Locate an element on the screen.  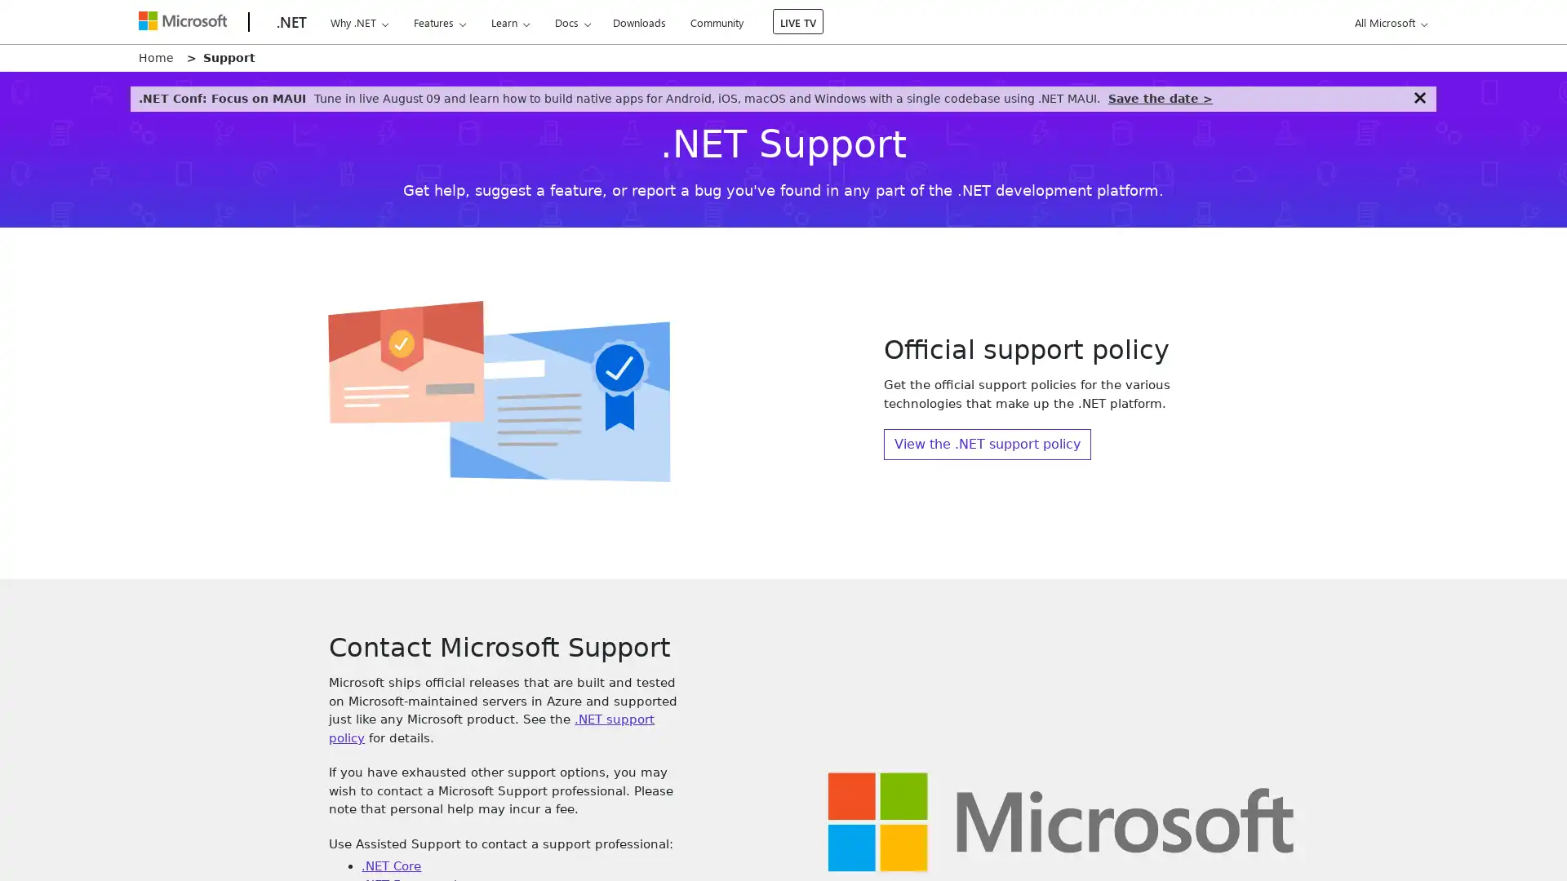
close is located at coordinates (1418, 97).